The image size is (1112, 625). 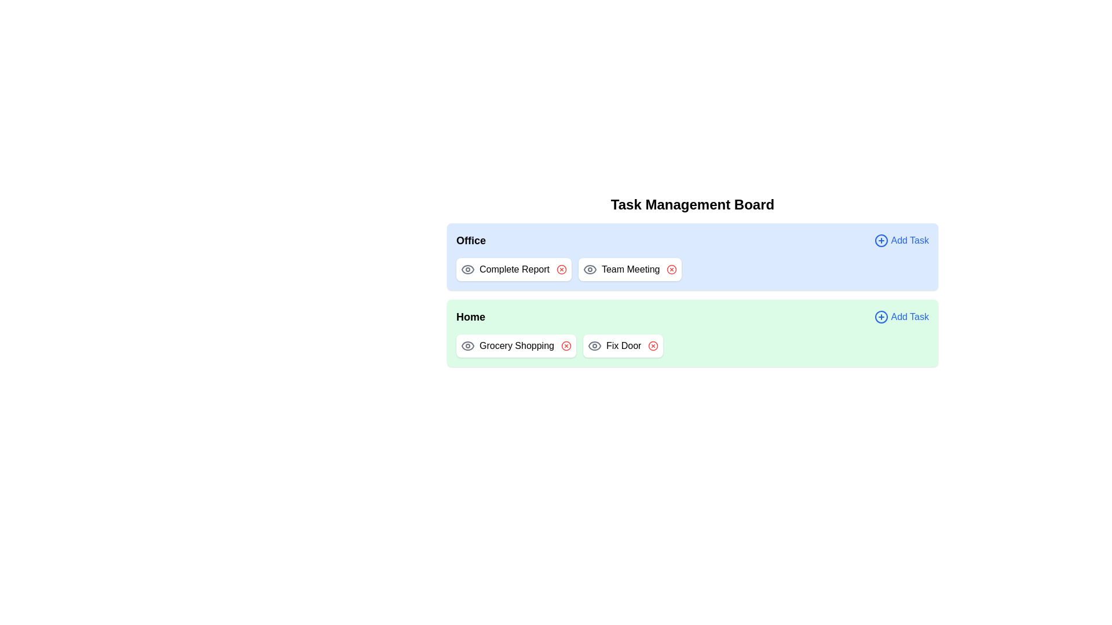 What do you see at coordinates (901, 317) in the screenshot?
I see `the 'Add Task' button for the specified category Home` at bounding box center [901, 317].